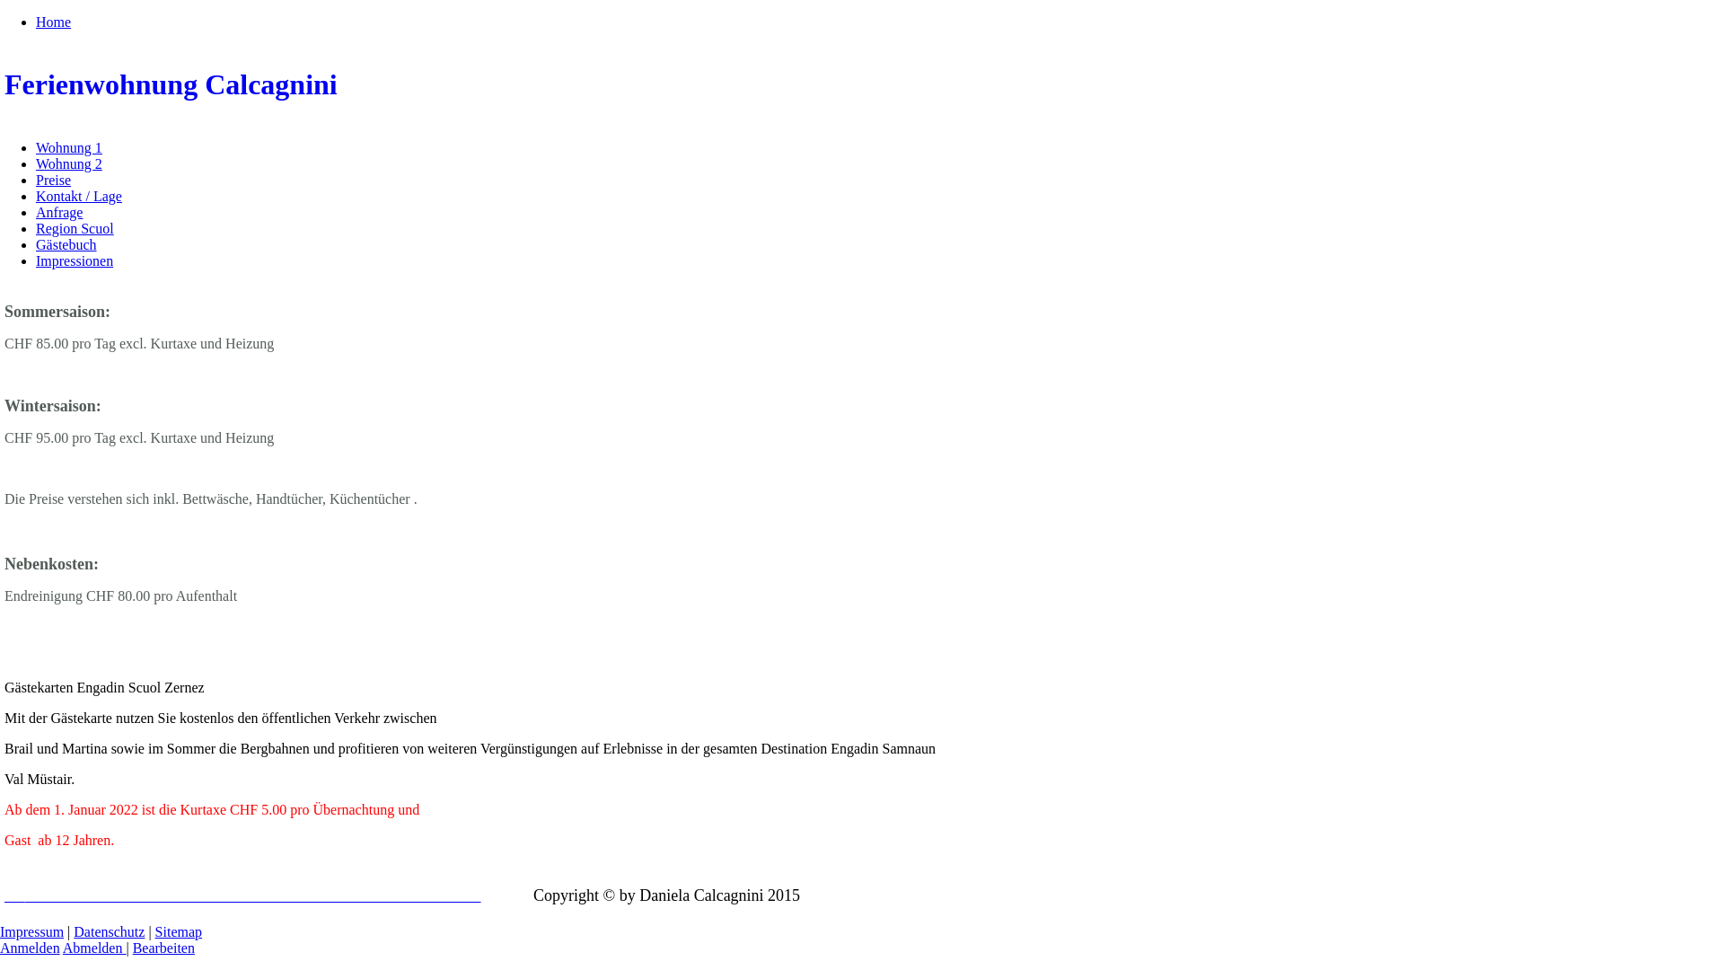 The image size is (1724, 970). Describe the element at coordinates (178, 930) in the screenshot. I see `'Sitemap'` at that location.